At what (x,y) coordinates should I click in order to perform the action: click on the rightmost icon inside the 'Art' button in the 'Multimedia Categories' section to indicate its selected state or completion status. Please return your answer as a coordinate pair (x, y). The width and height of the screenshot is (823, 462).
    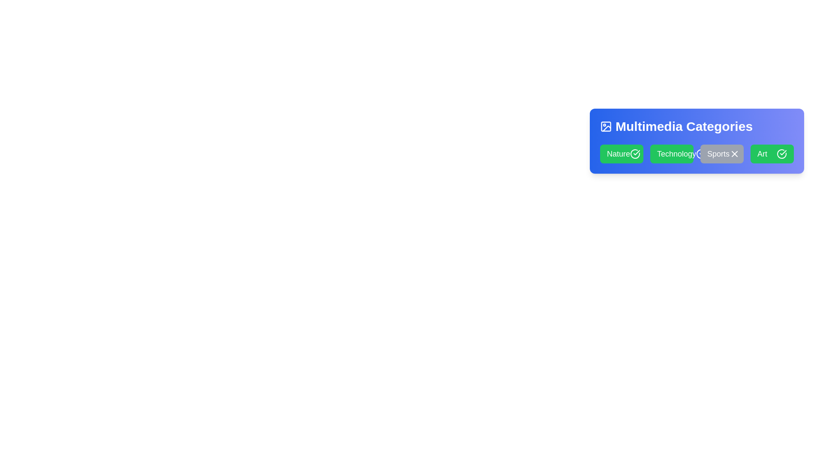
    Looking at the image, I should click on (782, 153).